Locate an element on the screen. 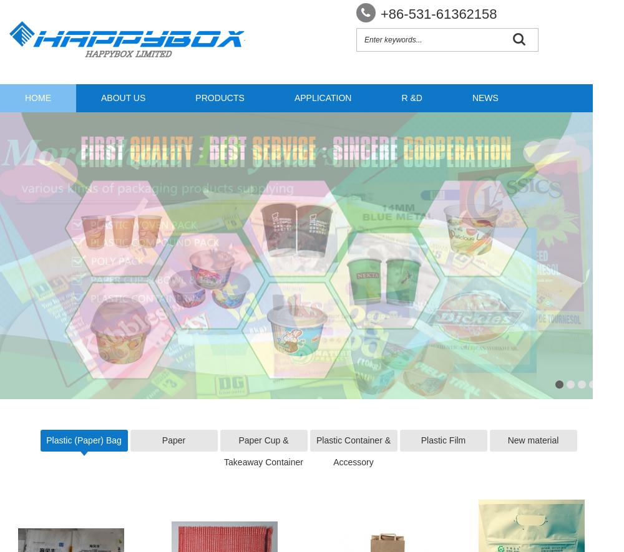 The width and height of the screenshot is (624, 552). 'Plastic (Paper) Bag' is located at coordinates (46, 439).